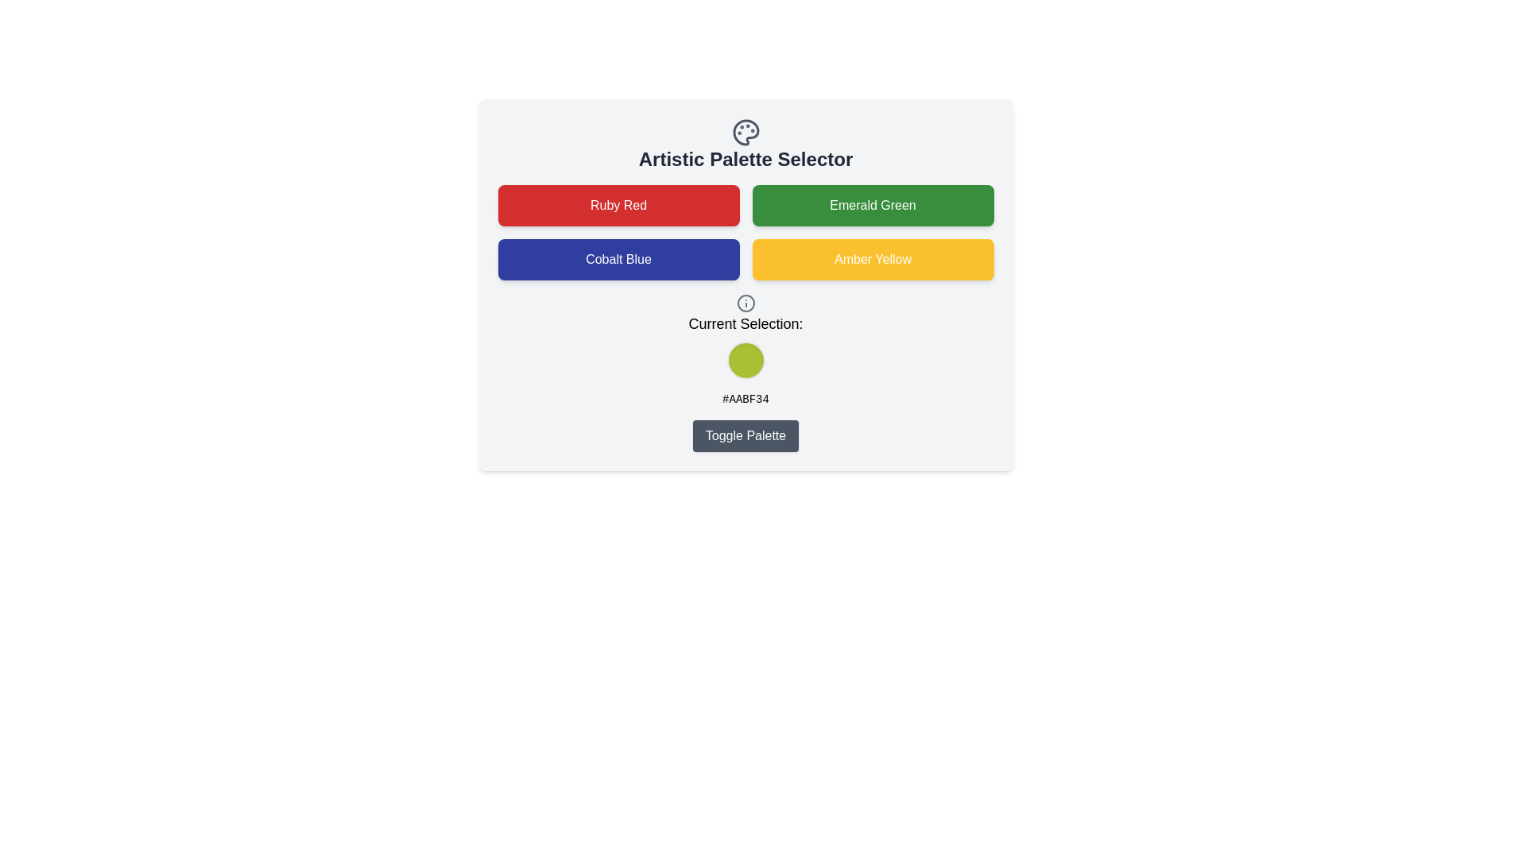 This screenshot has width=1526, height=858. What do you see at coordinates (745, 303) in the screenshot?
I see `the small circular border of the 'i' symbol in the informational icon, which is part of the Decorative SVG circle located above the text 'Current Selection:' and below the title 'Artistic Palette Selector'` at bounding box center [745, 303].